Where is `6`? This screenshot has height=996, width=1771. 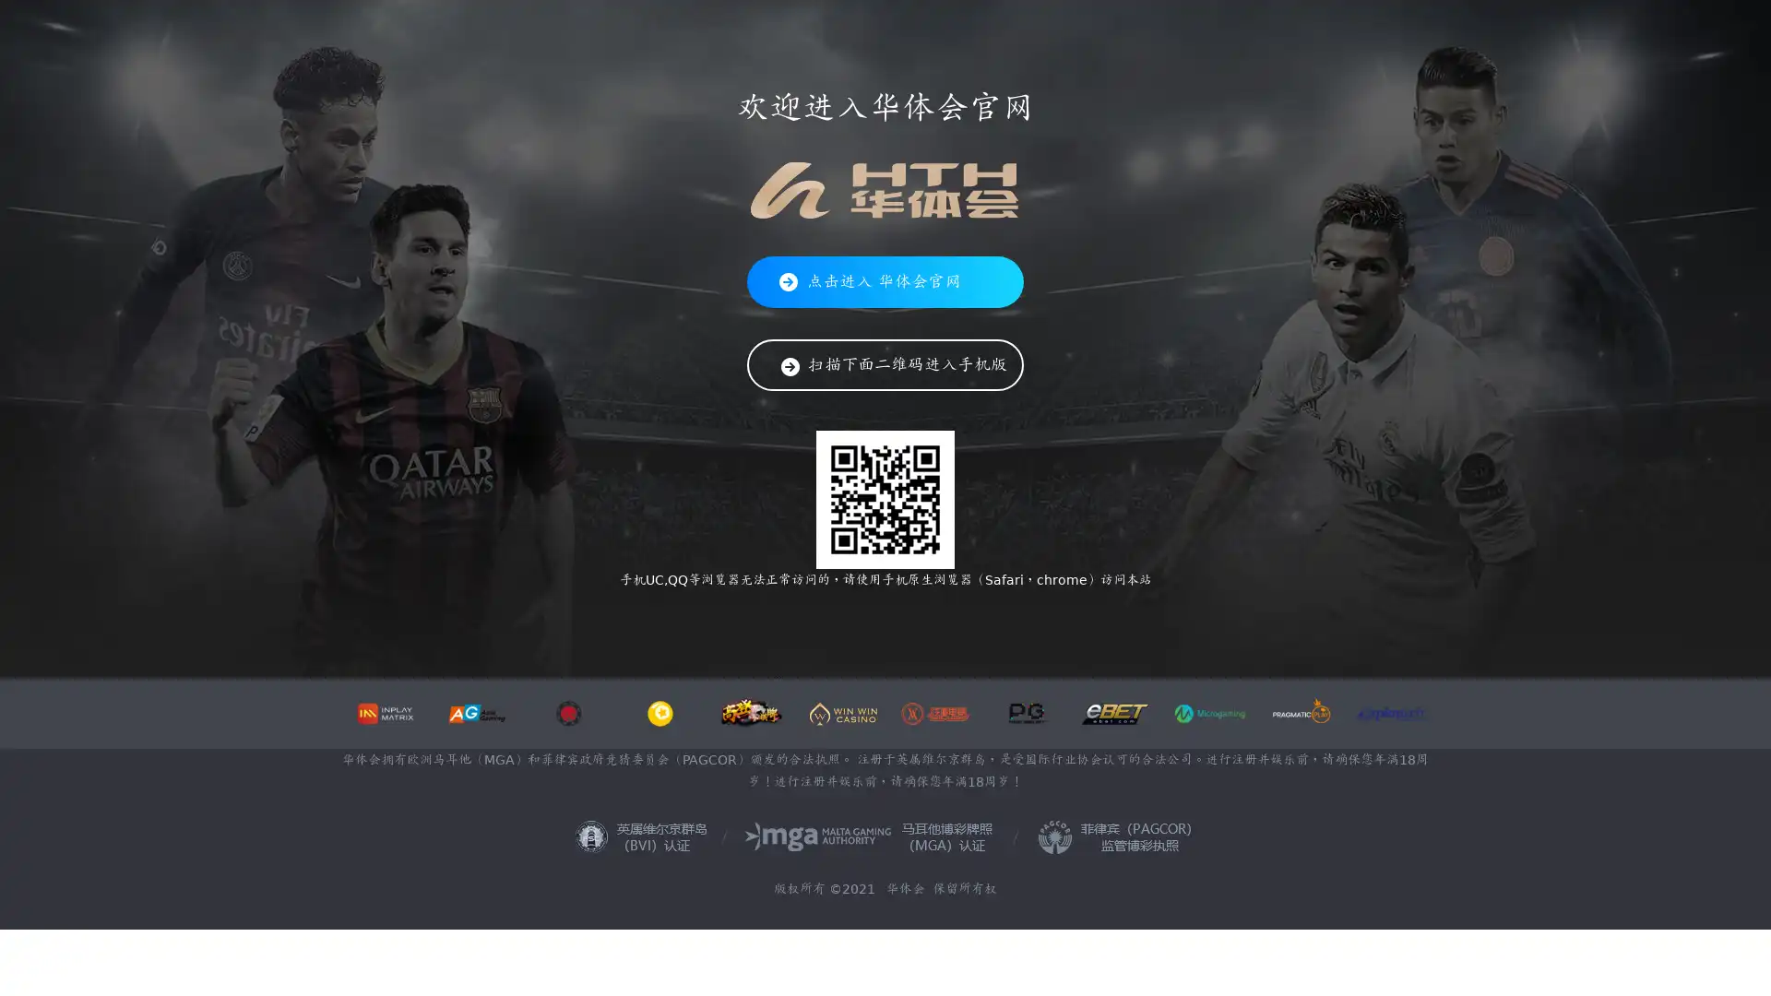 6 is located at coordinates (802, 614).